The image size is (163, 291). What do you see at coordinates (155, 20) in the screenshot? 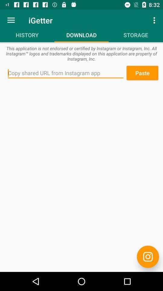
I see `the icon next to the igetter item` at bounding box center [155, 20].